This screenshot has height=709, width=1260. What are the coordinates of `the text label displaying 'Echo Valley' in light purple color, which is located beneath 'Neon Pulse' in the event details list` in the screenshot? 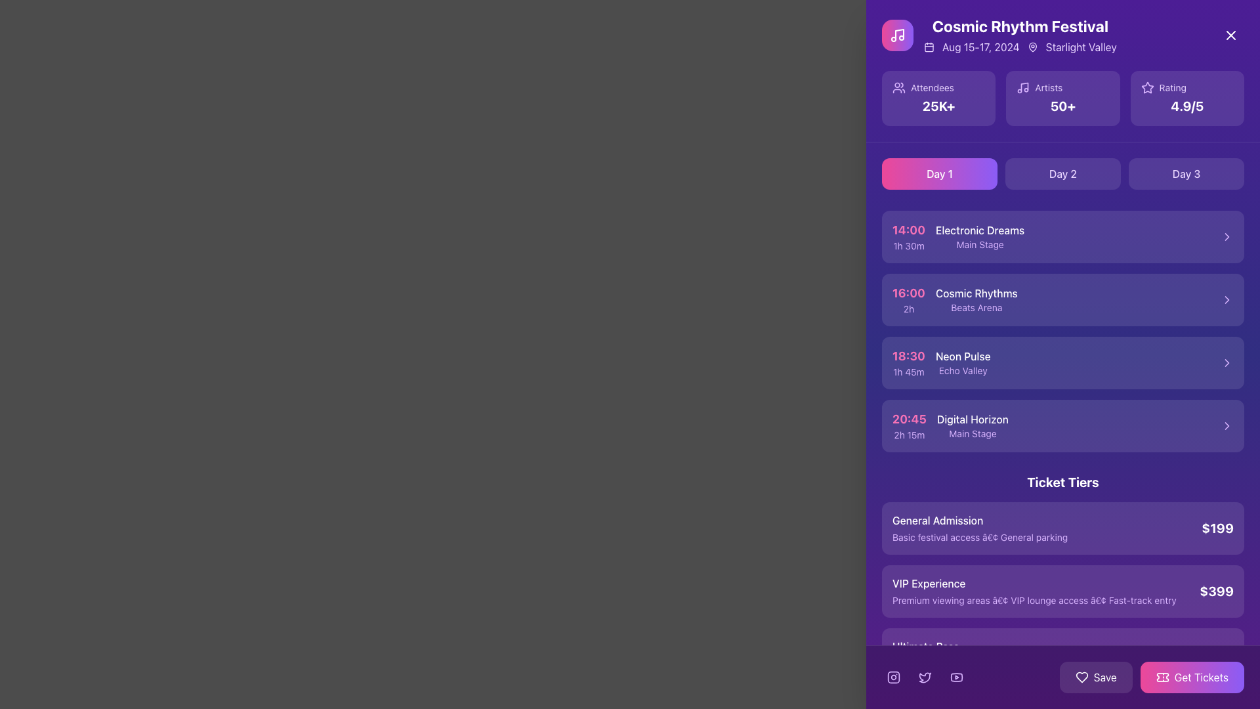 It's located at (963, 370).